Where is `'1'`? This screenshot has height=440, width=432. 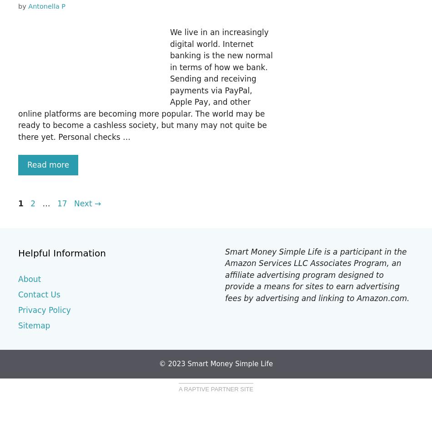
'1' is located at coordinates (18, 203).